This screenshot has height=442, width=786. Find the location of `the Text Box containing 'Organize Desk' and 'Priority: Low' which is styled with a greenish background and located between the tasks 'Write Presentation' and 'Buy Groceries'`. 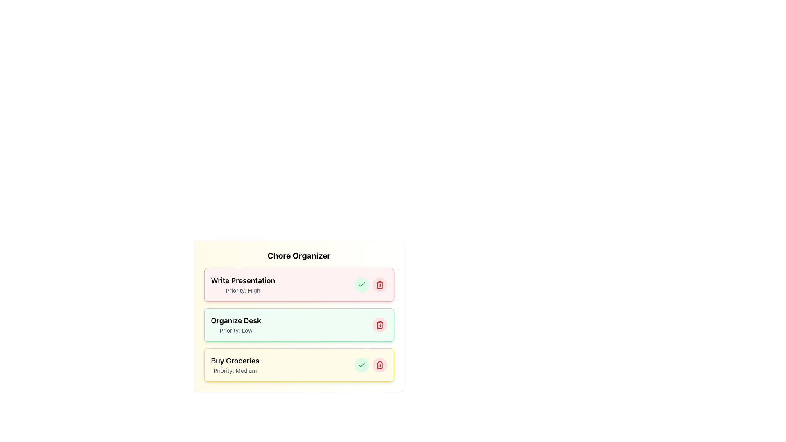

the Text Box containing 'Organize Desk' and 'Priority: Low' which is styled with a greenish background and located between the tasks 'Write Presentation' and 'Buy Groceries' is located at coordinates (235, 325).